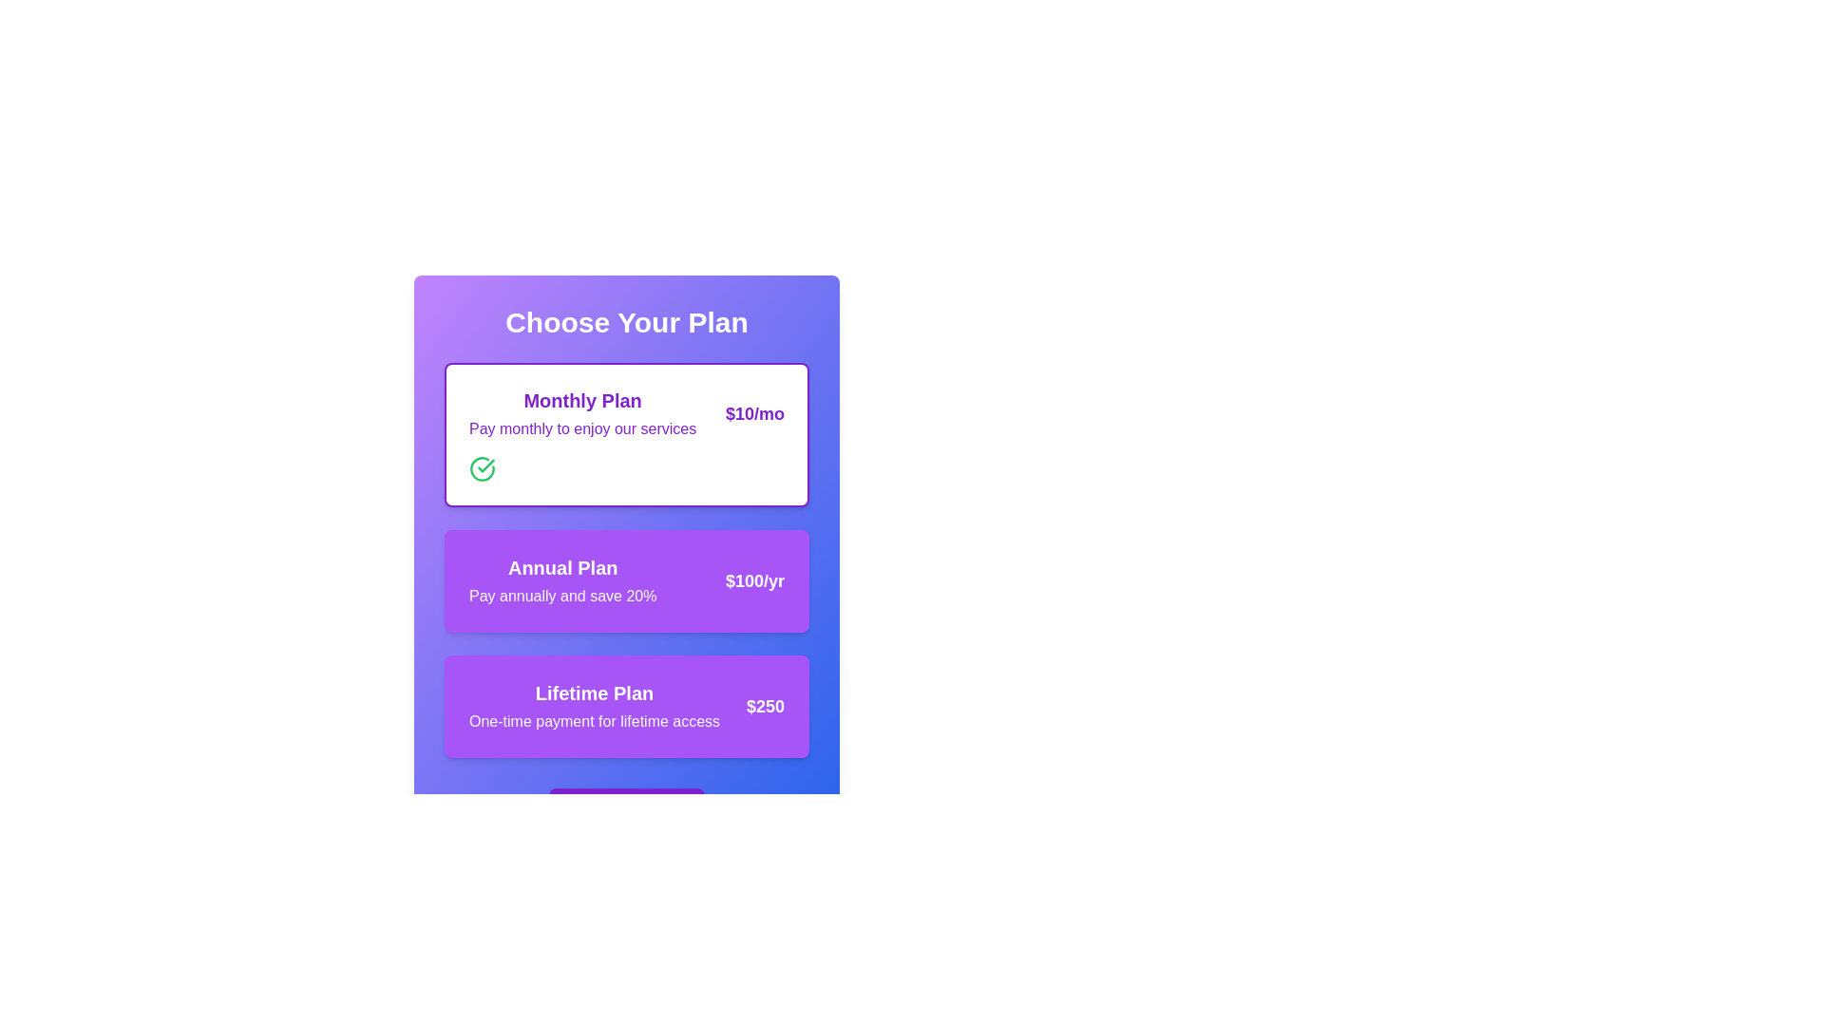  I want to click on the 'Lifetime Plan' text label, which serves as a title indicating the pricing option within the last card of a three-option list, so click(594, 693).